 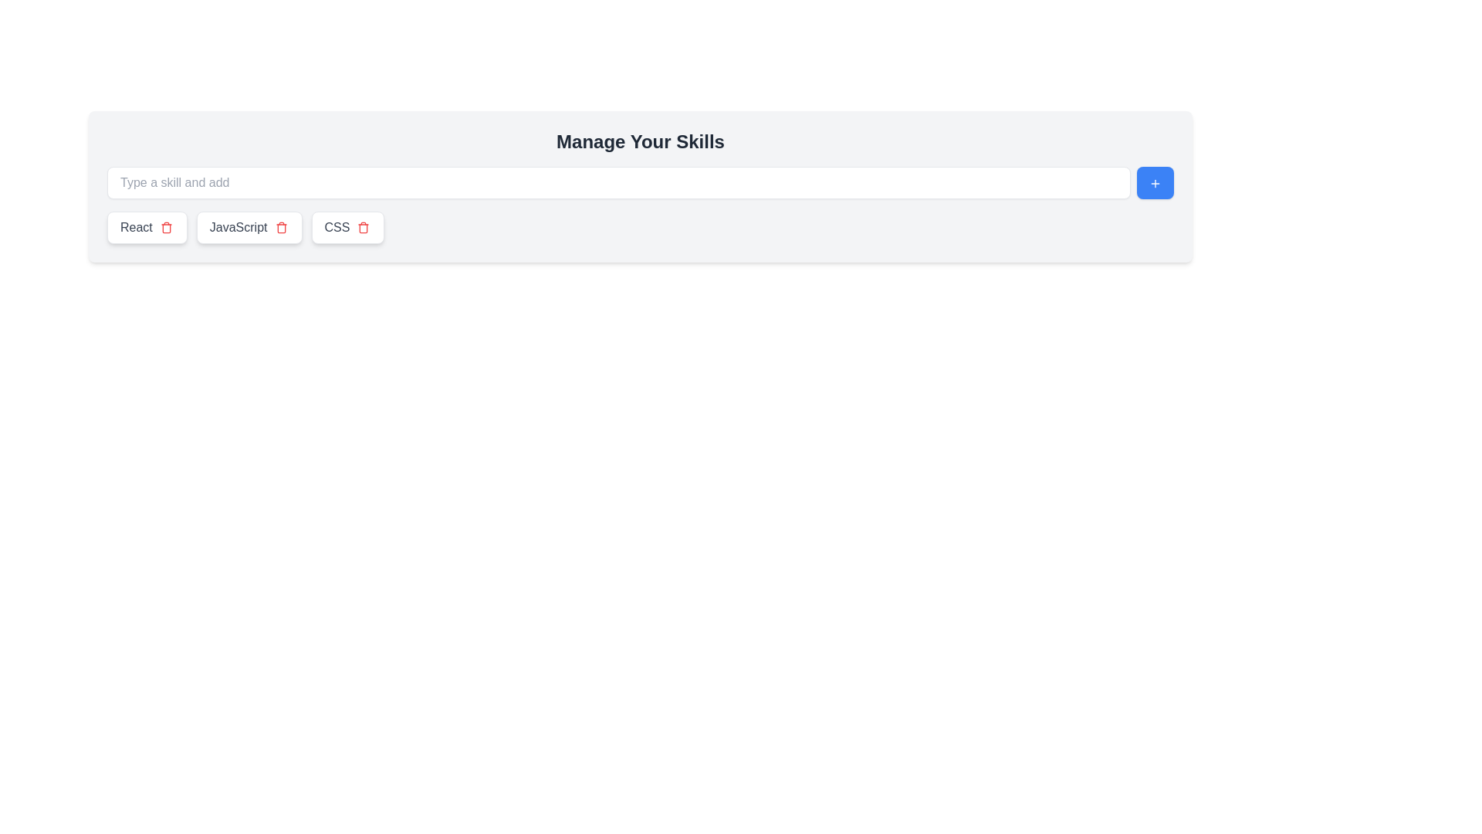 I want to click on delete icon for the skill JavaScript, so click(x=281, y=227).